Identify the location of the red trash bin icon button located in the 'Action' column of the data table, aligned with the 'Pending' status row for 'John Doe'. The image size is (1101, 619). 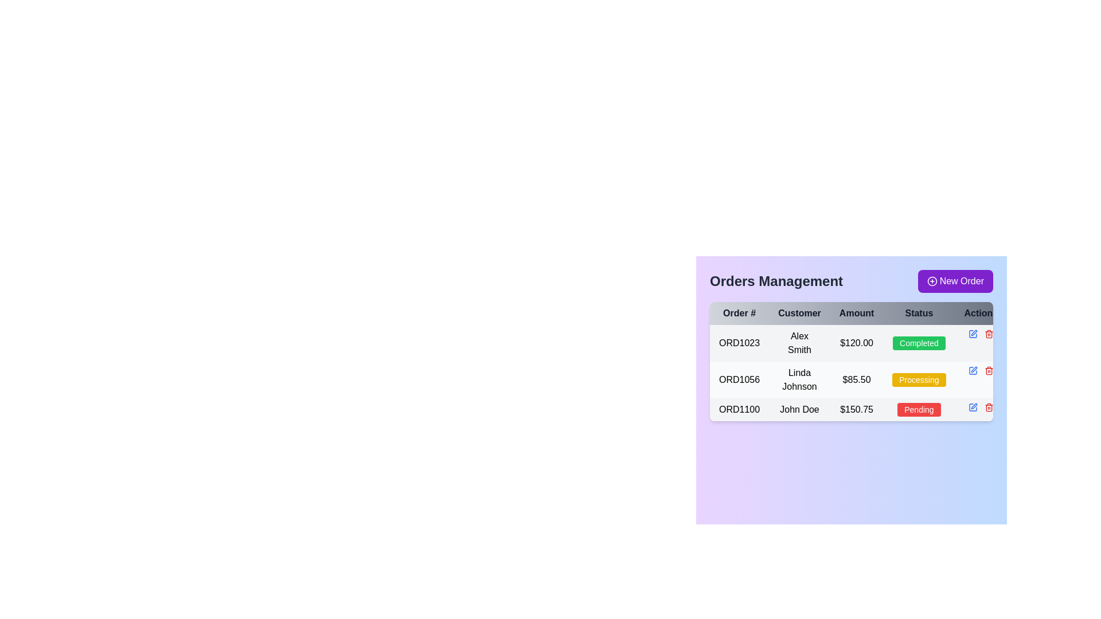
(988, 406).